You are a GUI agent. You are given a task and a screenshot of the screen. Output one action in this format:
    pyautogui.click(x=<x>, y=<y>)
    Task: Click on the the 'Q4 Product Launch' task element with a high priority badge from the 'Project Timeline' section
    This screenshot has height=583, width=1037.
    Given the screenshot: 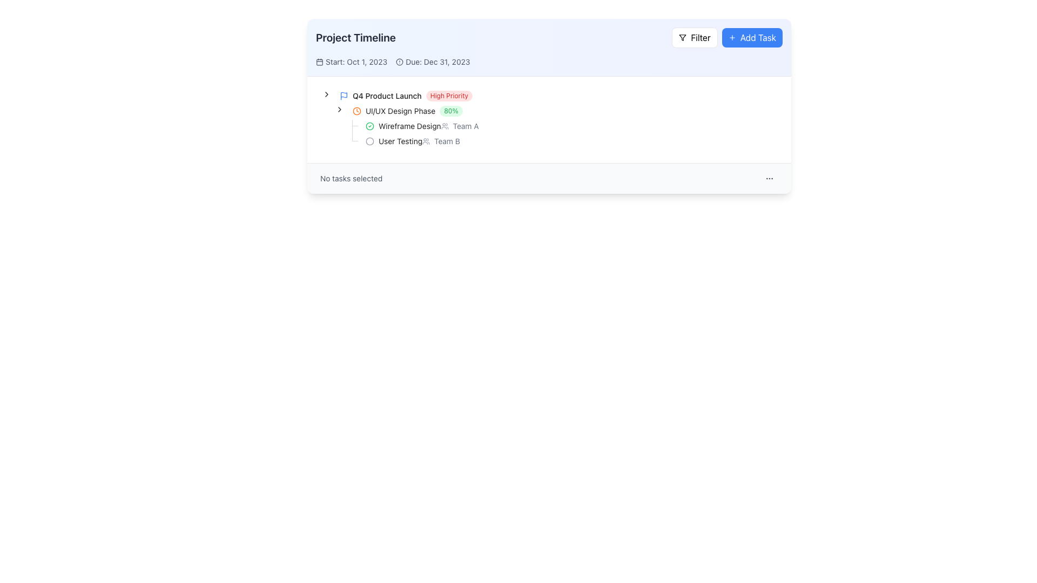 What is the action you would take?
    pyautogui.click(x=406, y=95)
    